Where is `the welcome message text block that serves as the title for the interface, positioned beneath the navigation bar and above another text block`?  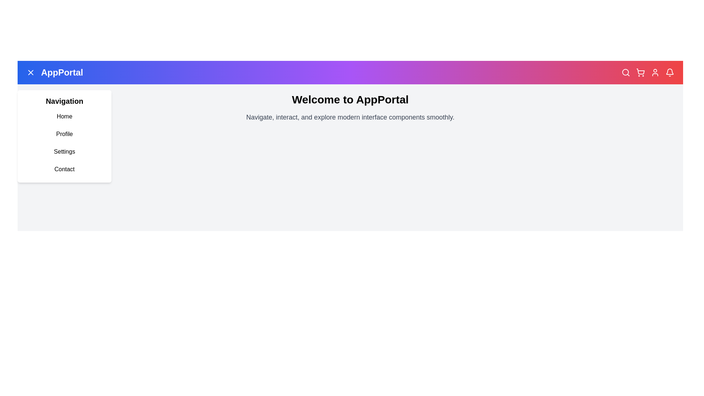
the welcome message text block that serves as the title for the interface, positioned beneath the navigation bar and above another text block is located at coordinates (350, 100).